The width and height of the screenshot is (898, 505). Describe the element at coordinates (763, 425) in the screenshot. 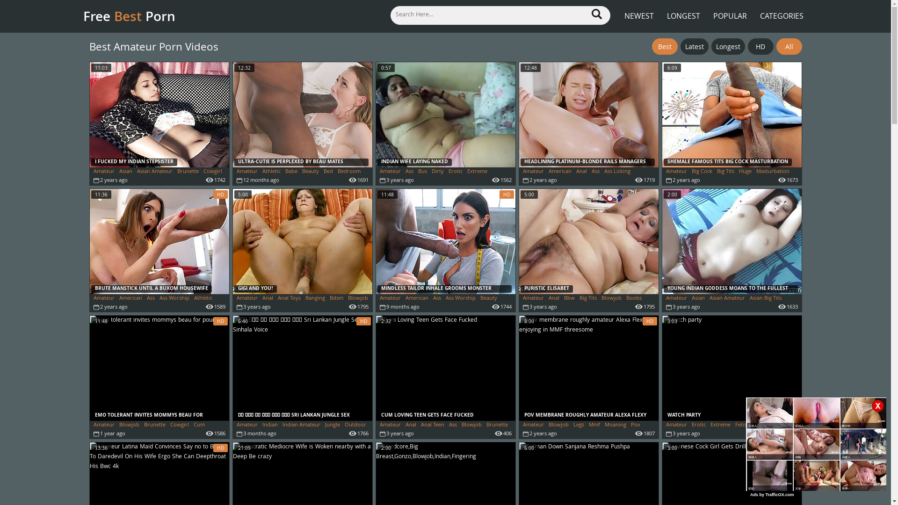

I see `'Fucking'` at that location.